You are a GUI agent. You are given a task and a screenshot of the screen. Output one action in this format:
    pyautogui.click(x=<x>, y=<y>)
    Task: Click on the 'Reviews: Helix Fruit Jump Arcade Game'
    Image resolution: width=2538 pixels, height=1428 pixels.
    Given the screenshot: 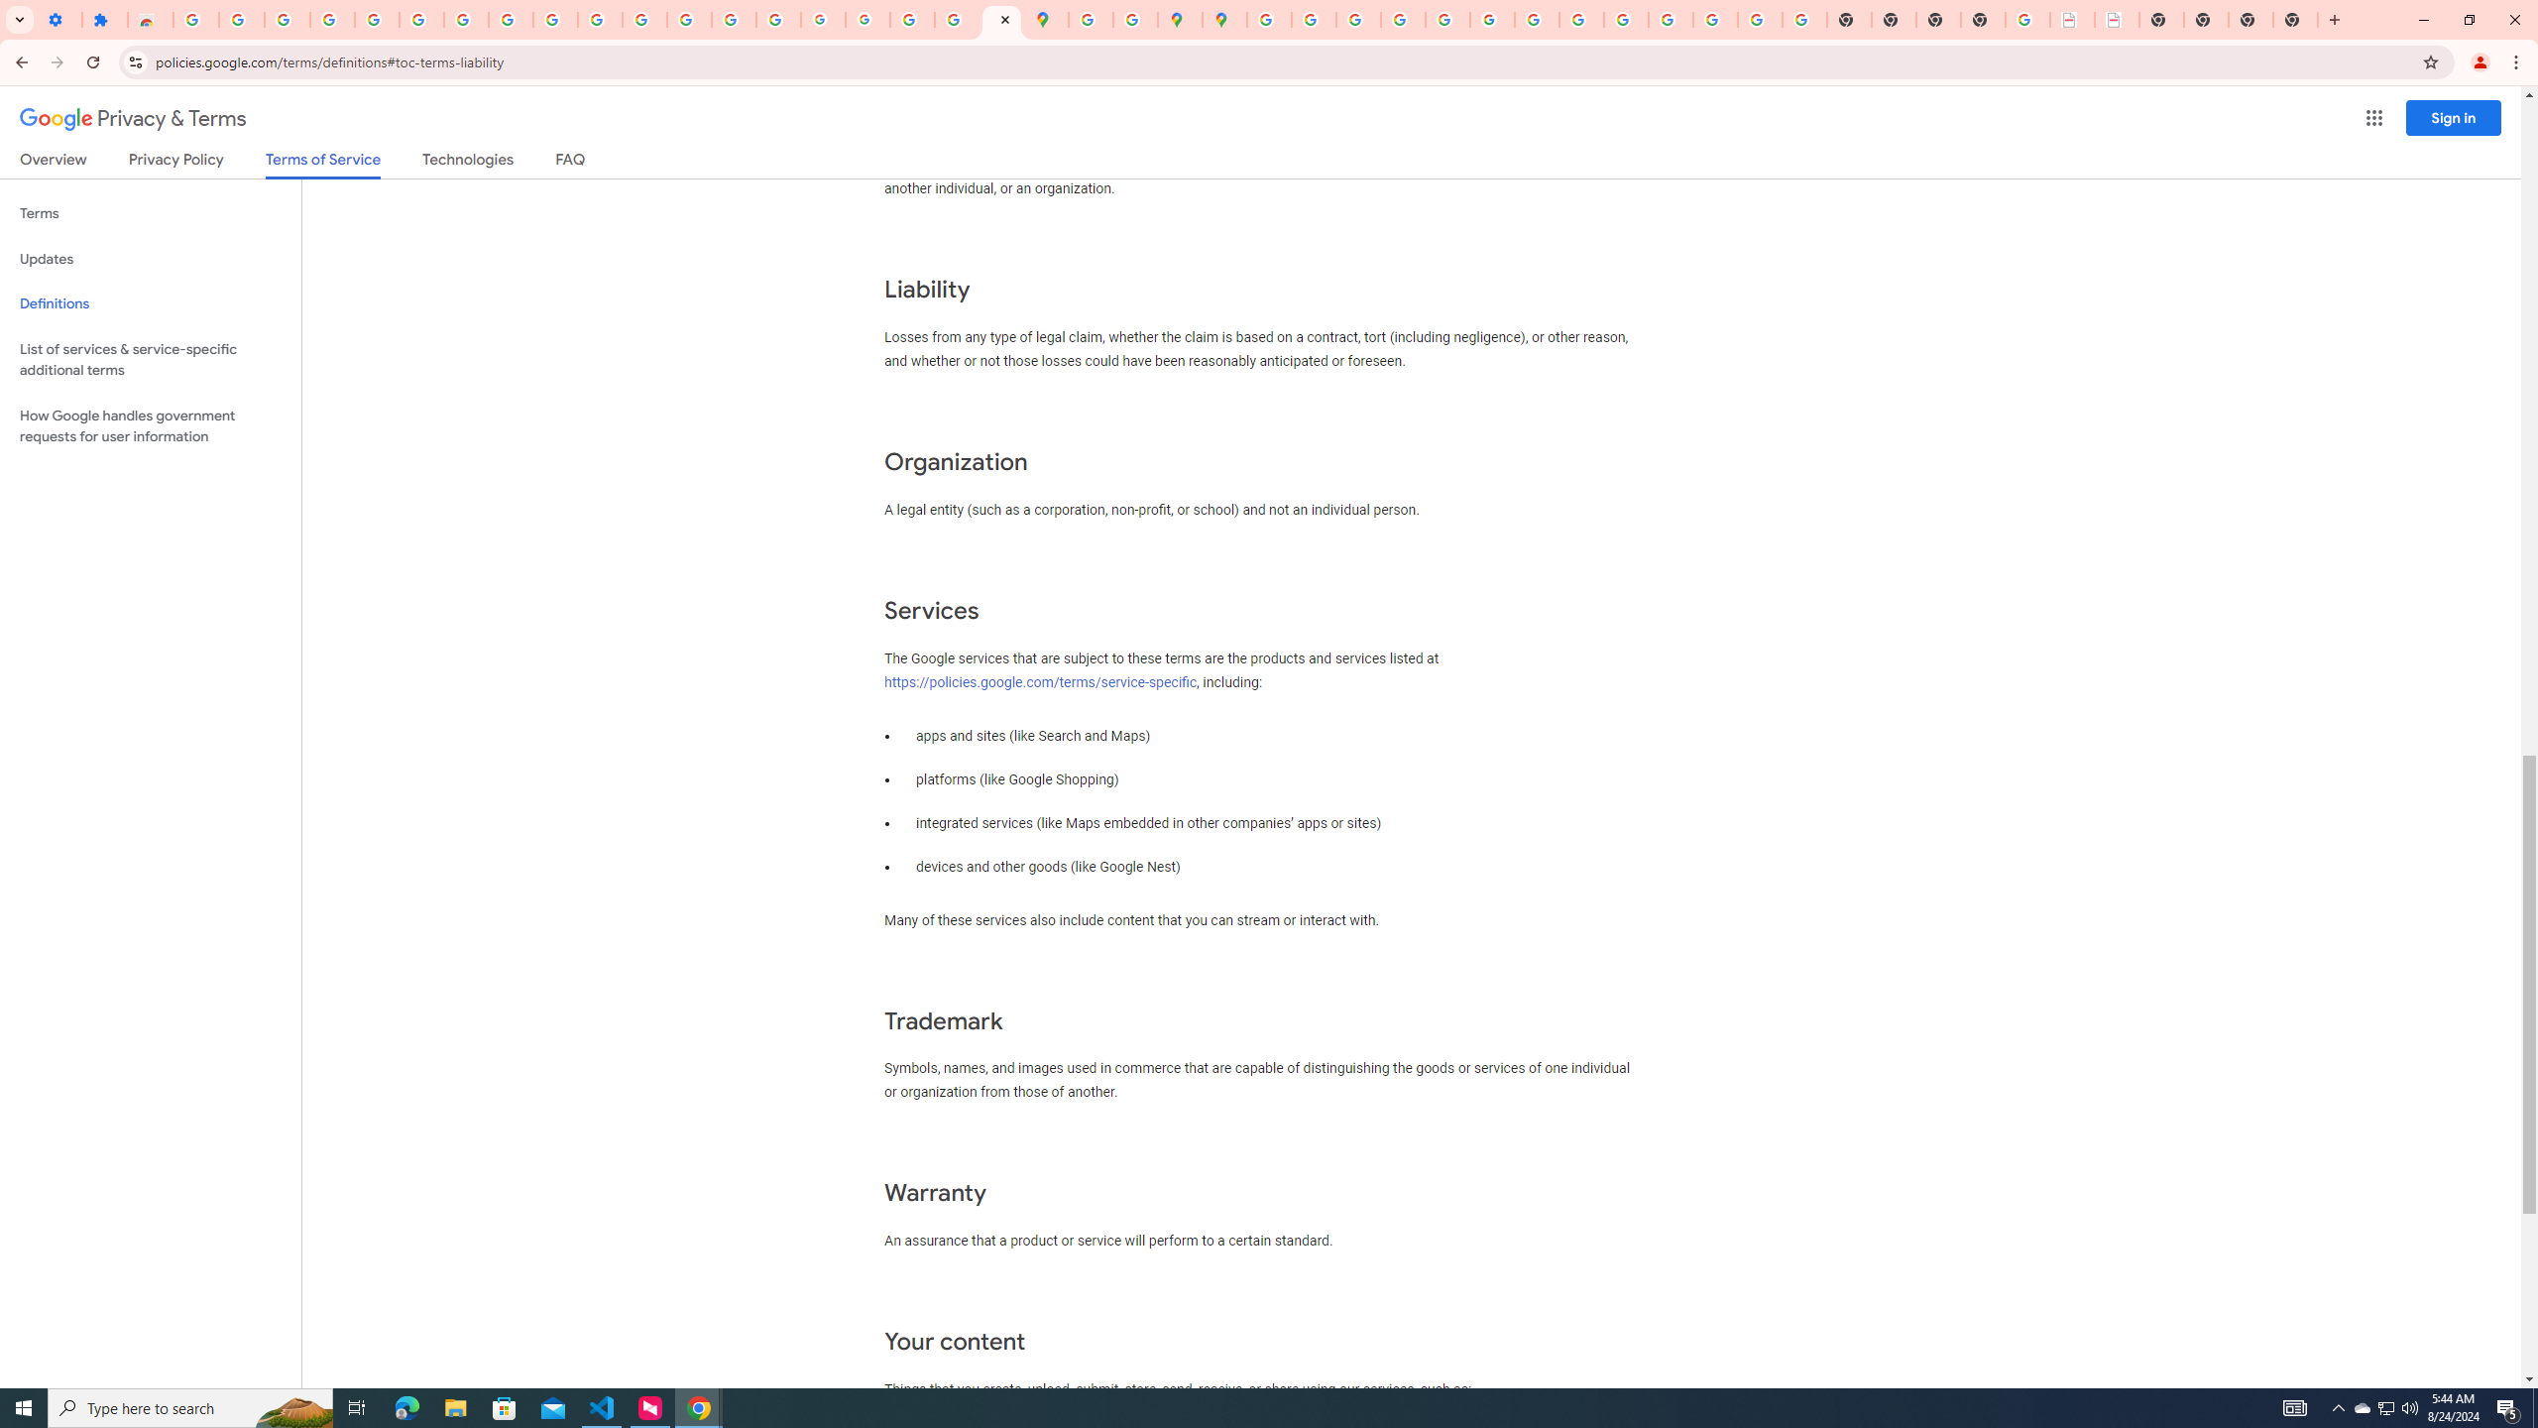 What is the action you would take?
    pyautogui.click(x=150, y=19)
    